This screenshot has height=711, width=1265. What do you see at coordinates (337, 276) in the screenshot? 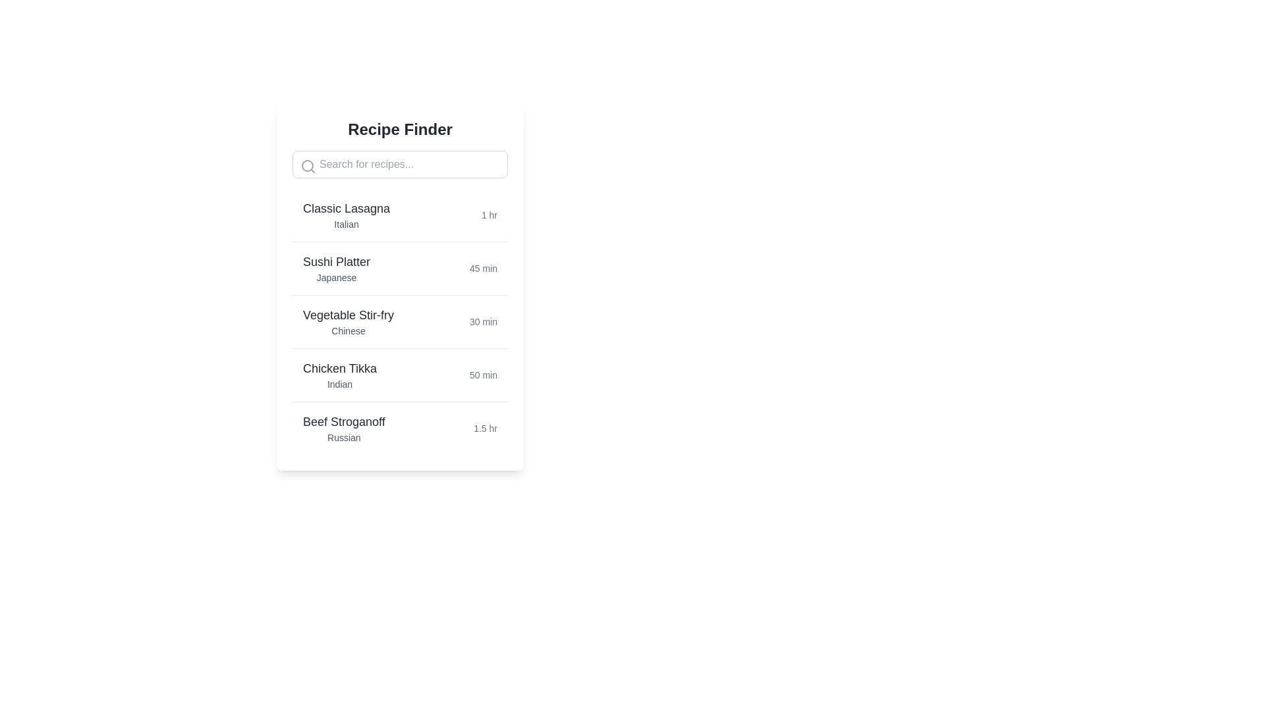
I see `the static text label providing additional information about the 'Sushi Platter' item, positioned directly underneath the 'Sushi Platter' text` at bounding box center [337, 276].